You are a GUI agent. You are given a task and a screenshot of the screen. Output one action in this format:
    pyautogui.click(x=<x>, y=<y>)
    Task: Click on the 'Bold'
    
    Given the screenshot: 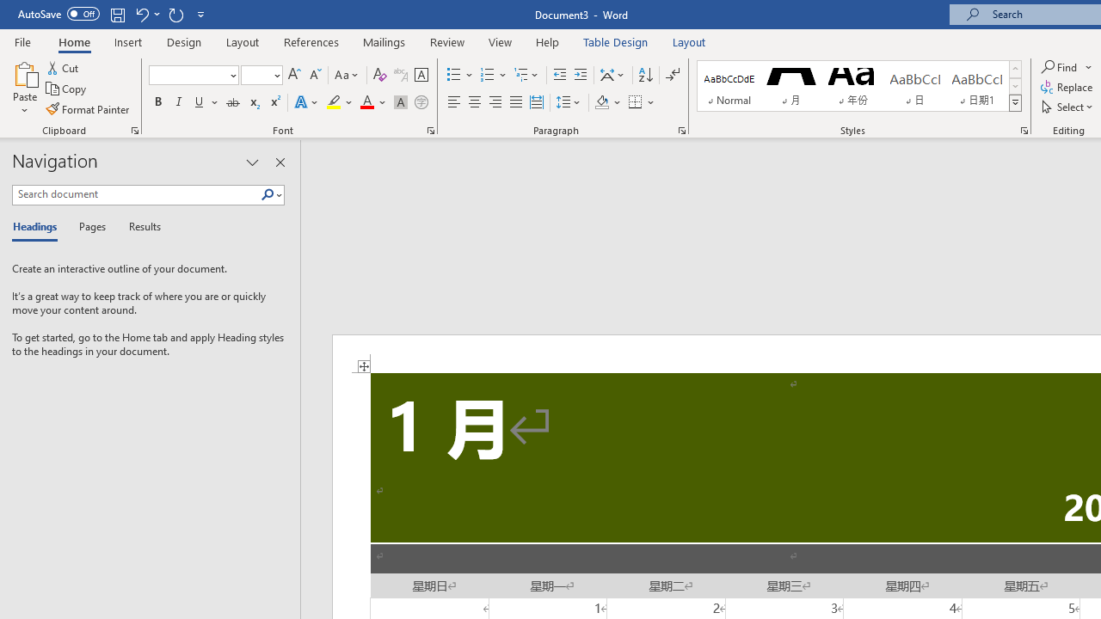 What is the action you would take?
    pyautogui.click(x=157, y=102)
    